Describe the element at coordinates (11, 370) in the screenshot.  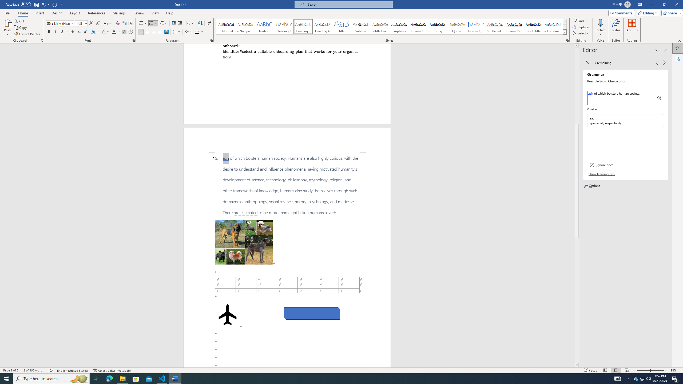
I see `'Page Number Page 2 of 3'` at that location.